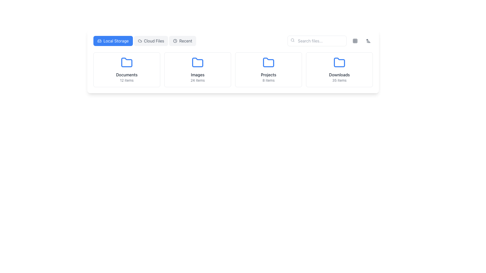  Describe the element at coordinates (339, 62) in the screenshot. I see `the bright blue folder icon, which is the fourth in a row of folder icons` at that location.